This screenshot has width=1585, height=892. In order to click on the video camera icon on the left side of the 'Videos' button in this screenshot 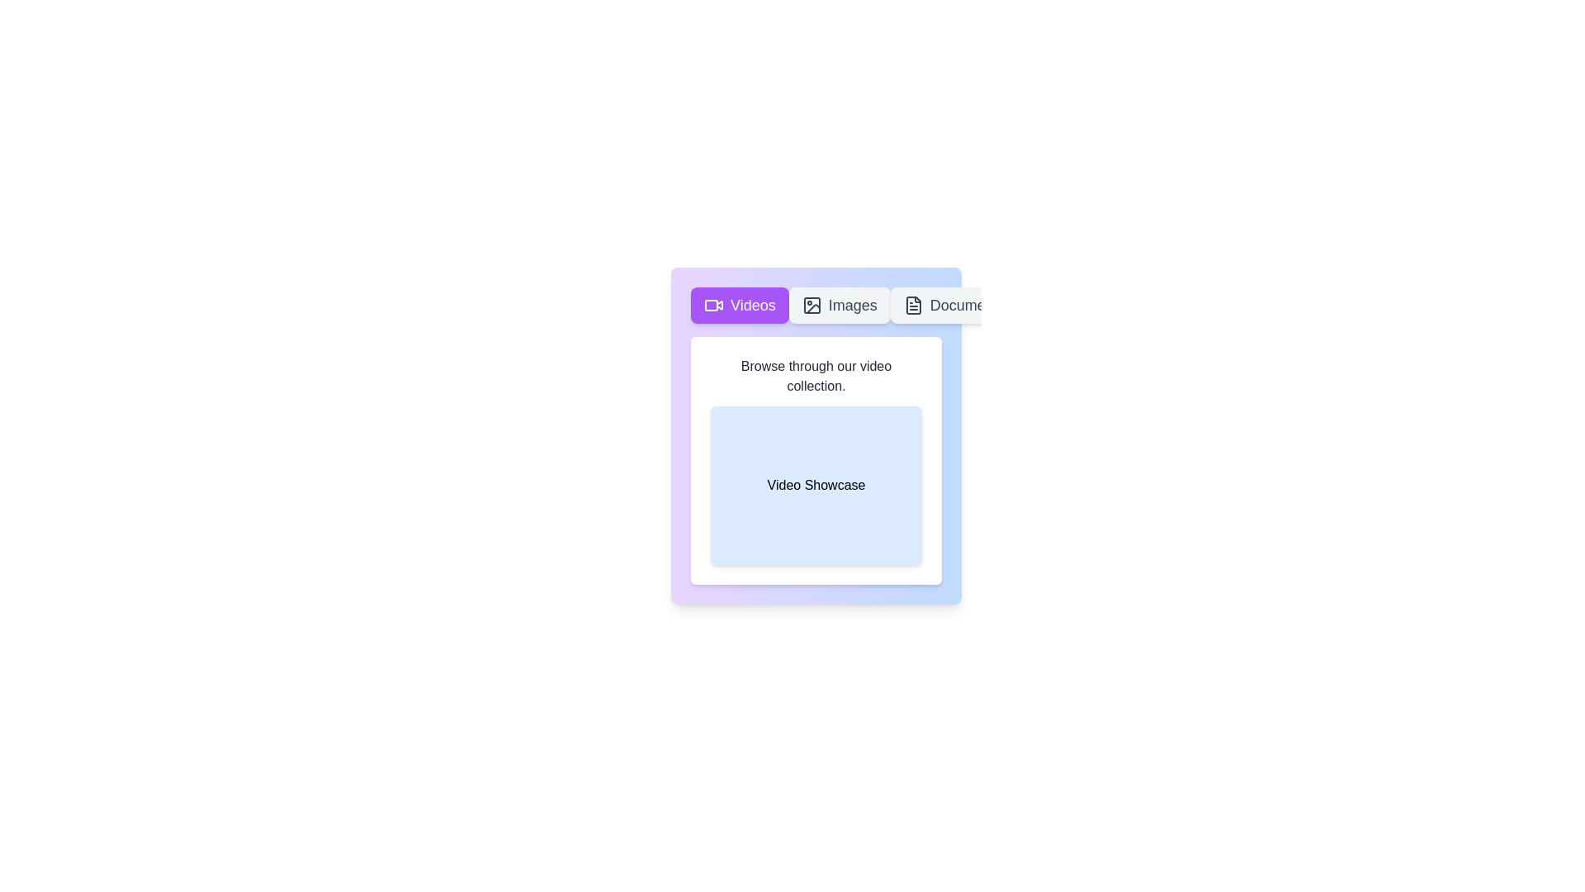, I will do `click(713, 306)`.